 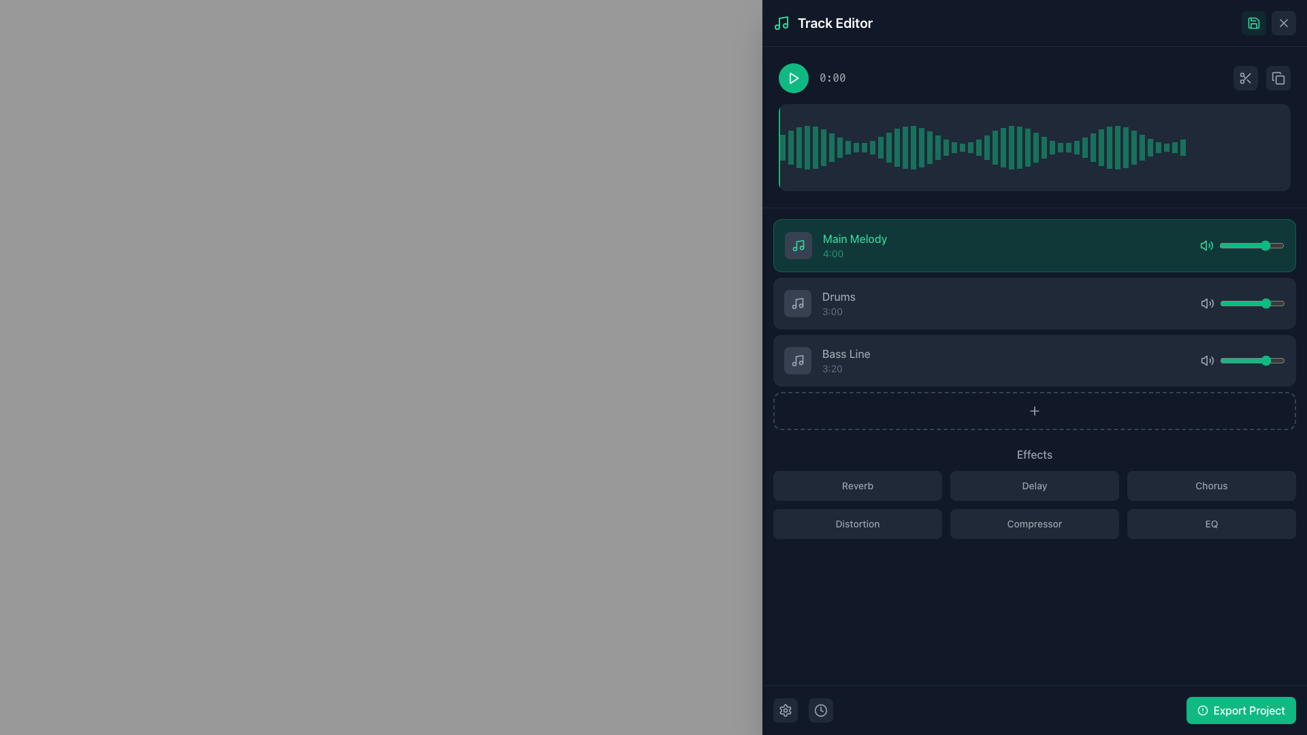 I want to click on the clock icon located at the bottom right corner of the user interface, which features a circular outline and clock hands, styled in gray and white against a dark background, so click(x=820, y=710).